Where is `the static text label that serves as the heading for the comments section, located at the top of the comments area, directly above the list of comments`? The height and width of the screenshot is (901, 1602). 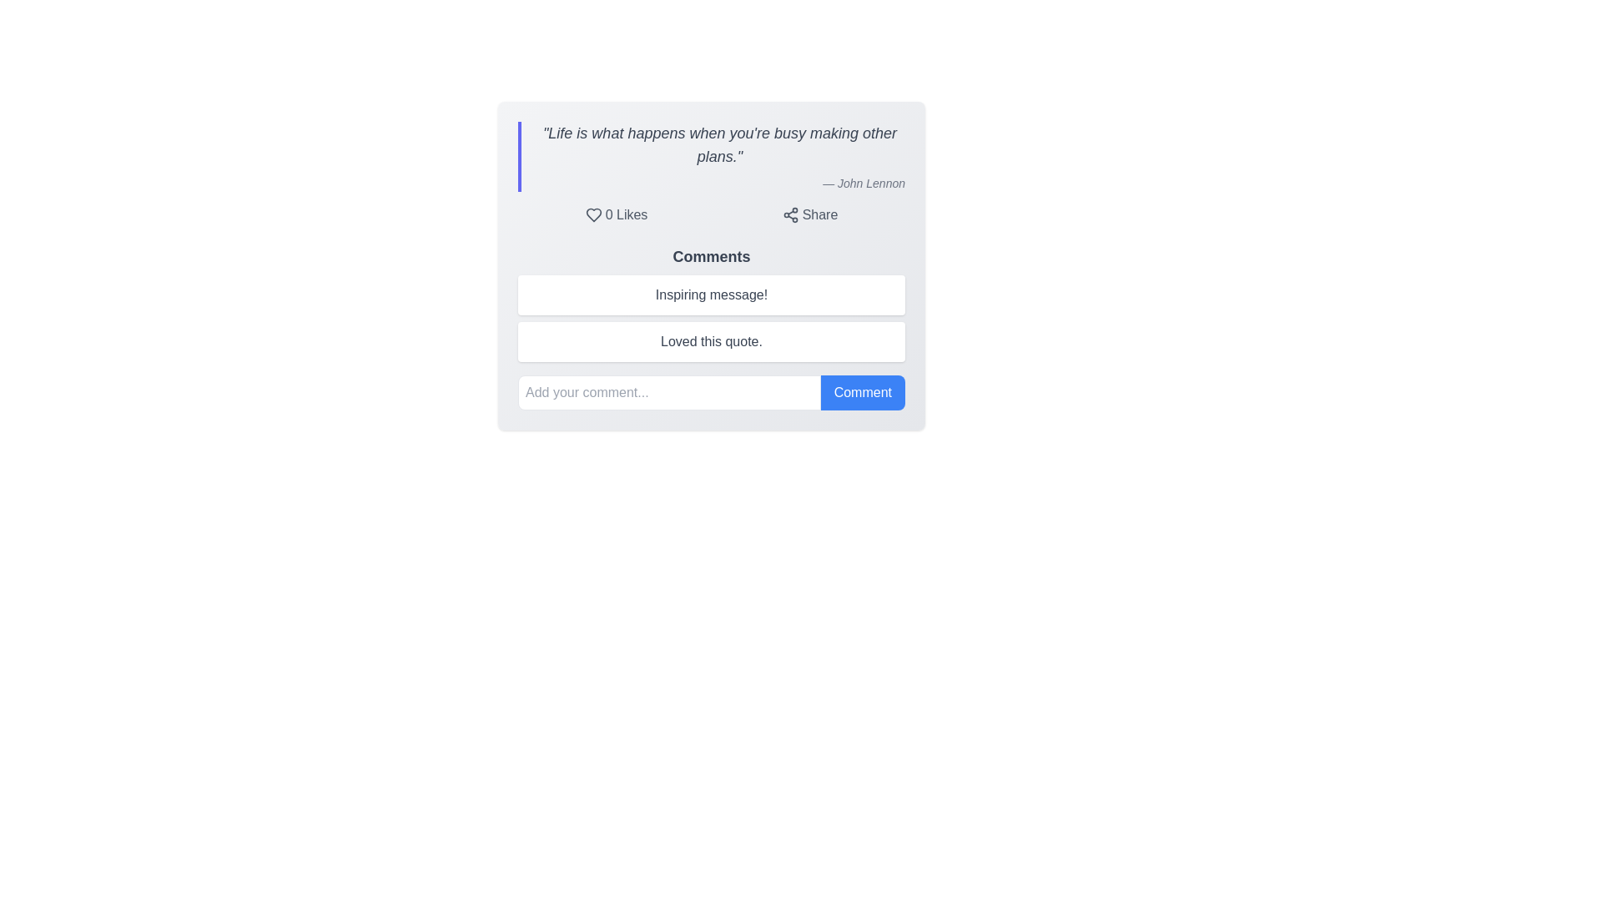
the static text label that serves as the heading for the comments section, located at the top of the comments area, directly above the list of comments is located at coordinates (712, 257).